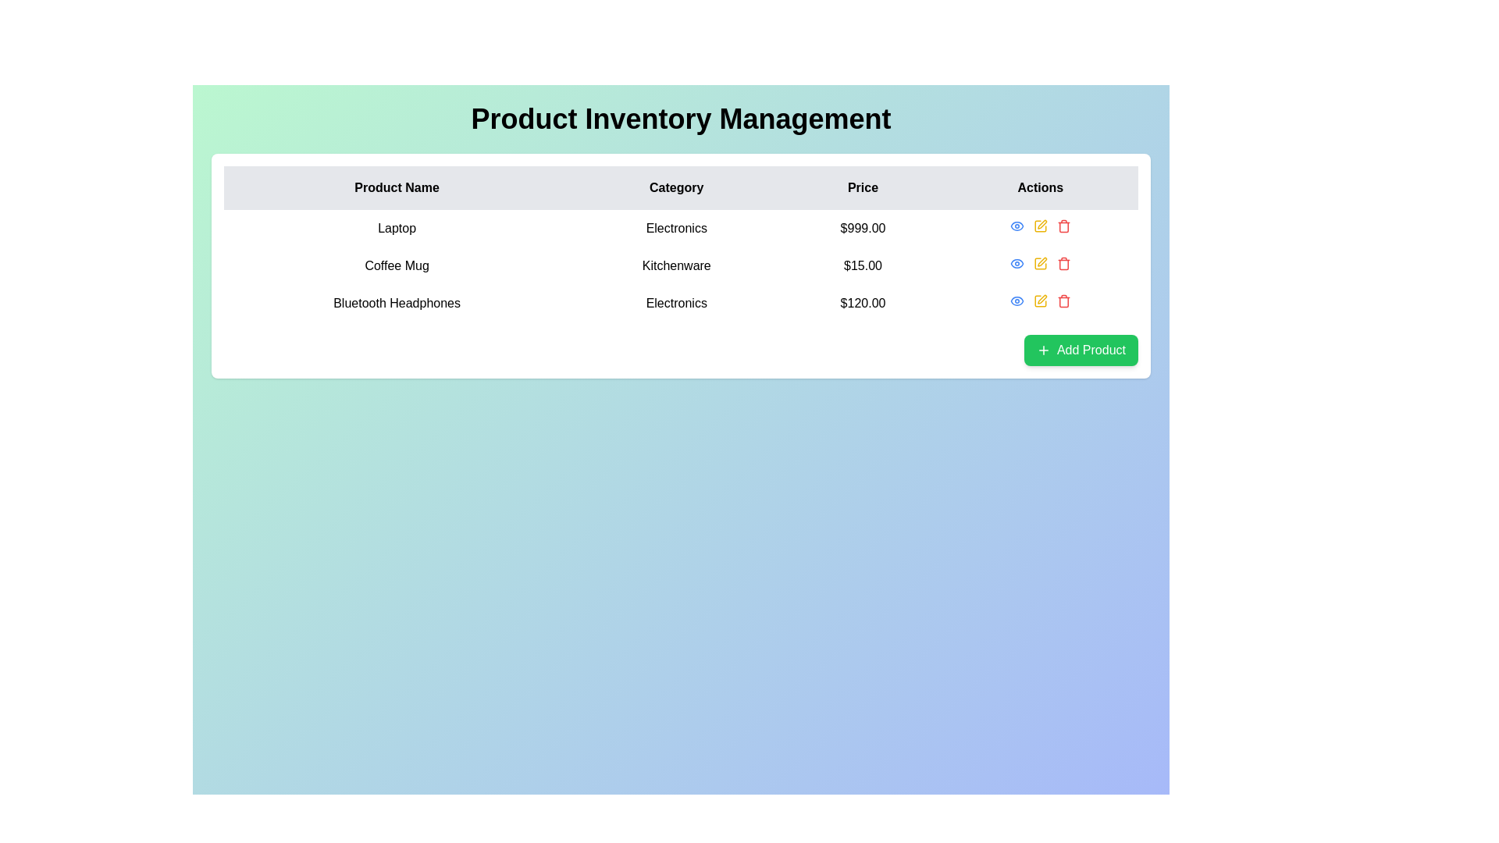  What do you see at coordinates (681, 265) in the screenshot?
I see `product details for 'Coffee Mug' in the second row of the product inventory table, which includes the product name, category, and price` at bounding box center [681, 265].